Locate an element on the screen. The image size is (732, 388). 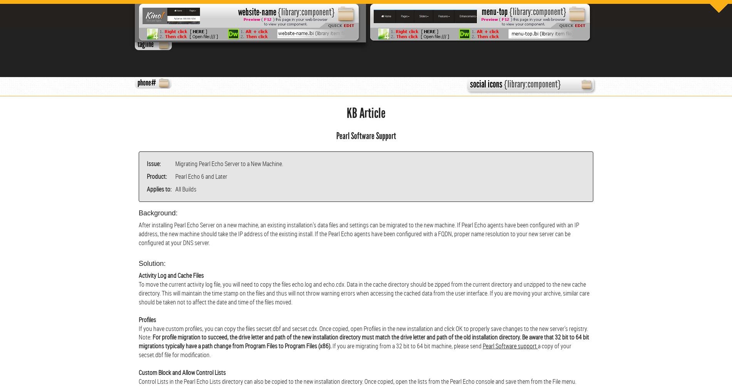
'Applies to:' is located at coordinates (146, 189).